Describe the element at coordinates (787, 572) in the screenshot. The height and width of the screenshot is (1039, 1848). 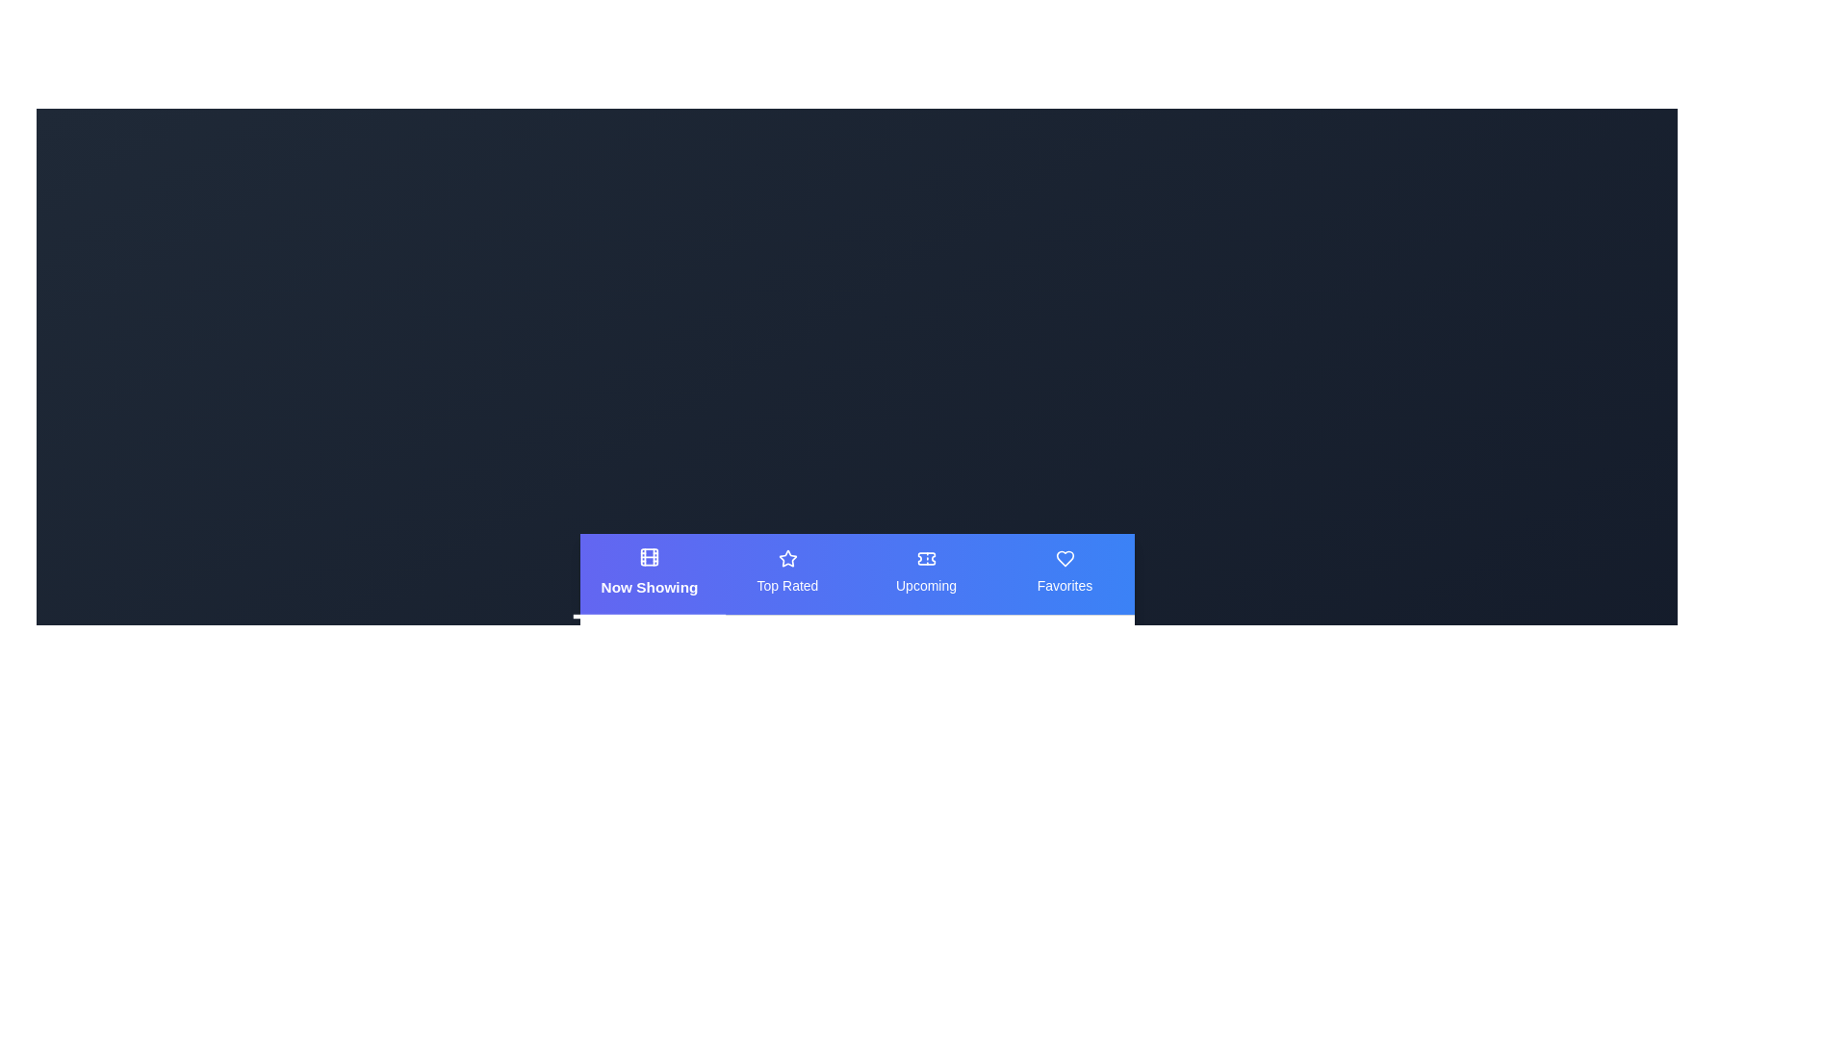
I see `the 'Top Rated' menu option button, which is the second item in a horizontally aligned menu` at that location.